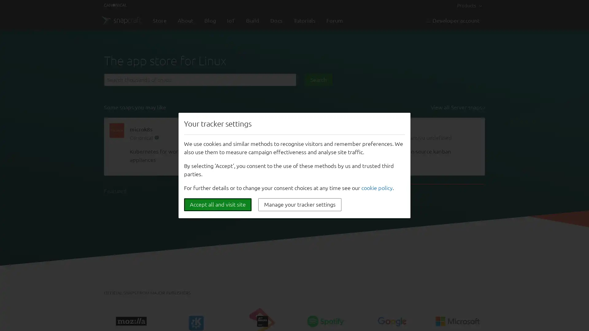 This screenshot has width=589, height=331. What do you see at coordinates (300, 204) in the screenshot?
I see `Manage your tracker settings` at bounding box center [300, 204].